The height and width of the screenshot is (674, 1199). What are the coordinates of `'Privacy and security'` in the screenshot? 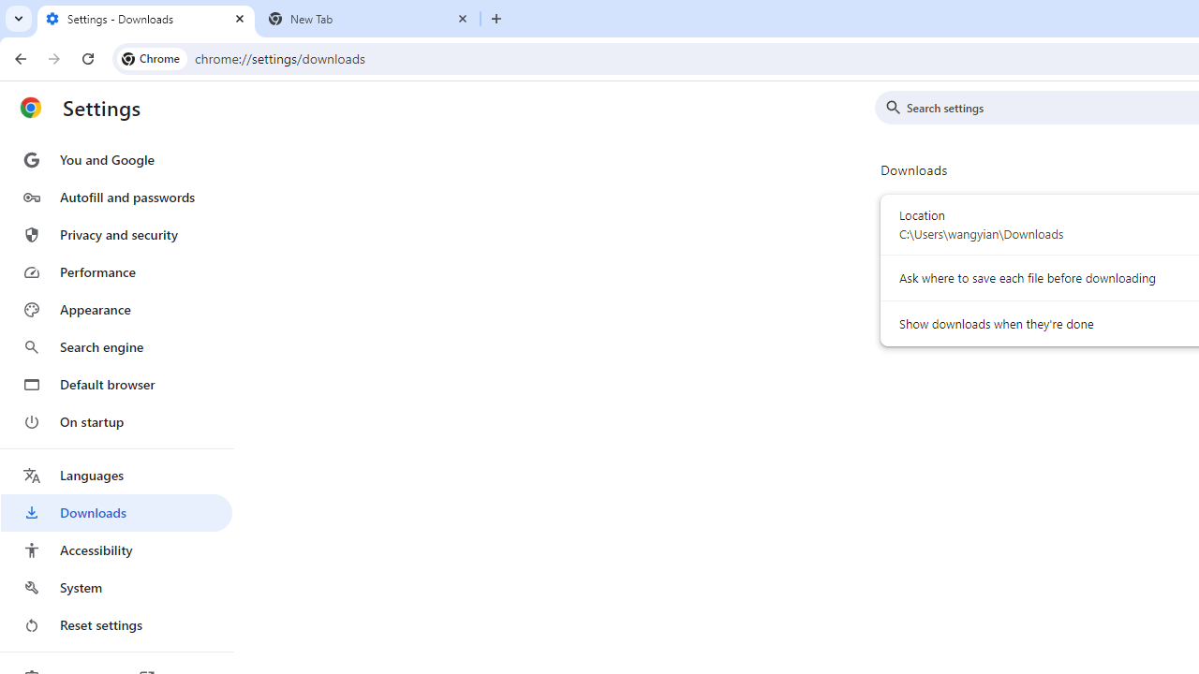 It's located at (115, 233).